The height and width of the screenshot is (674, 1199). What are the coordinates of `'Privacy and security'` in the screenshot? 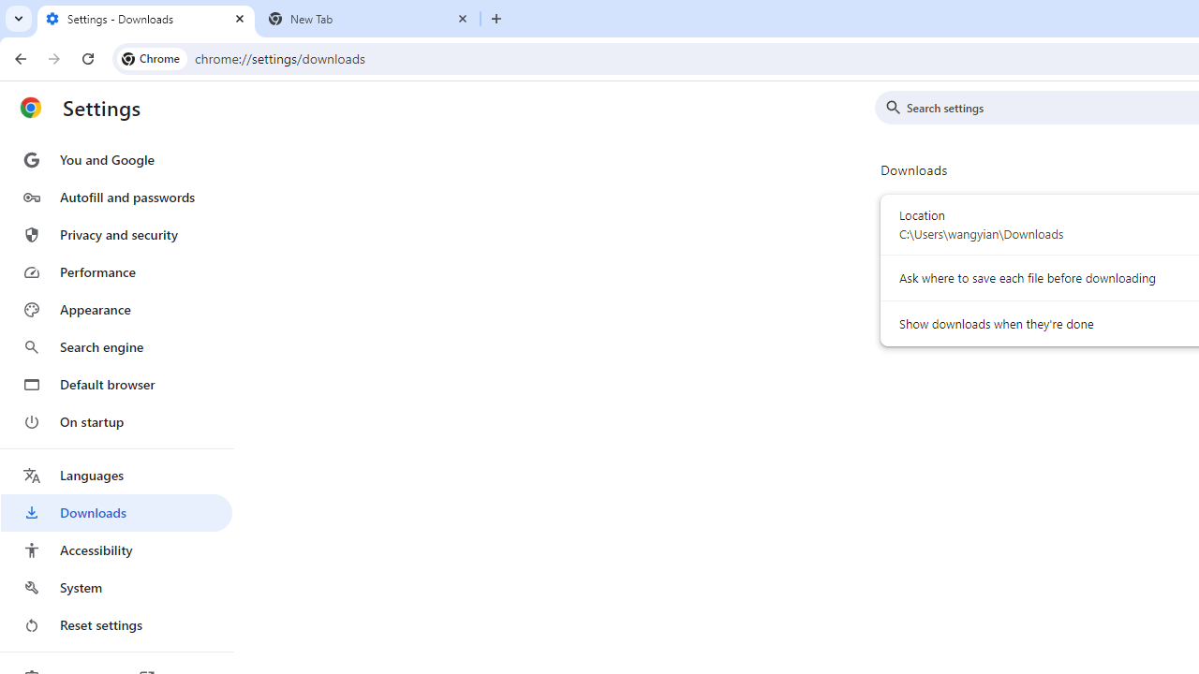 It's located at (115, 233).